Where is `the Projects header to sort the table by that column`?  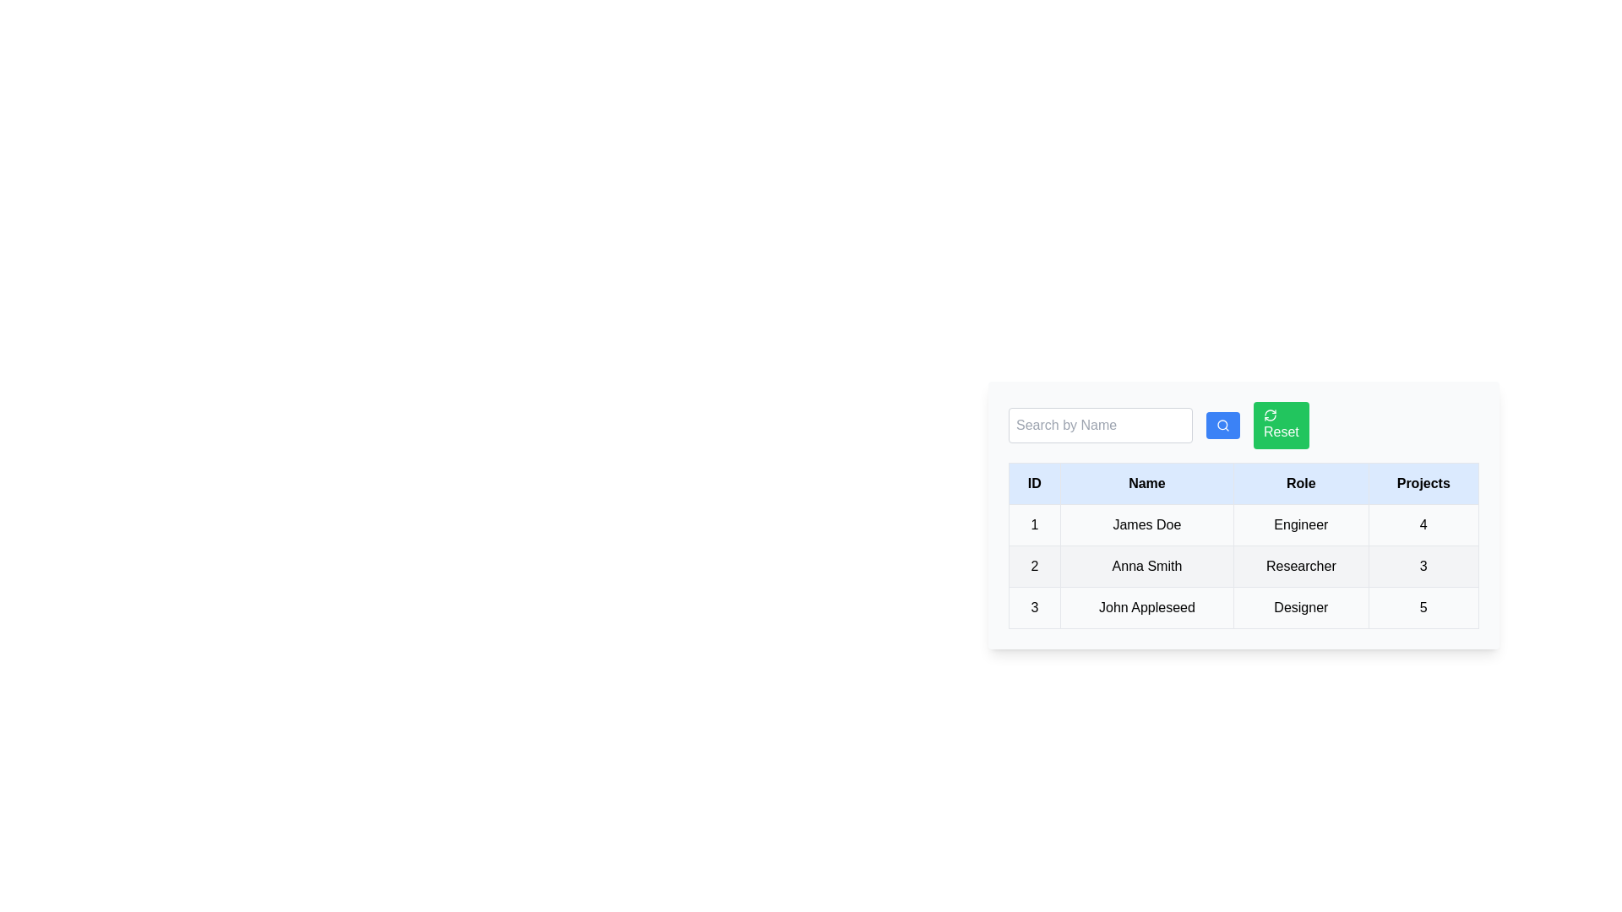 the Projects header to sort the table by that column is located at coordinates (1422, 484).